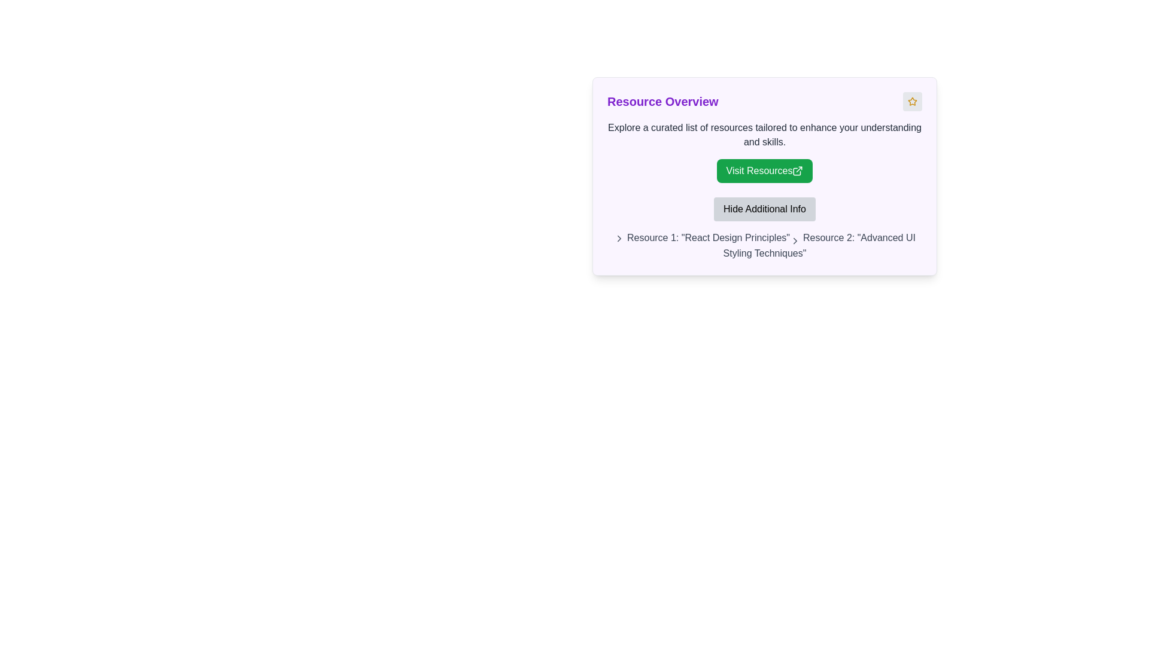  What do you see at coordinates (709, 237) in the screenshot?
I see `the Text Component that provides the title and description of the first listed resource, located to the right of a small right-chevron icon` at bounding box center [709, 237].